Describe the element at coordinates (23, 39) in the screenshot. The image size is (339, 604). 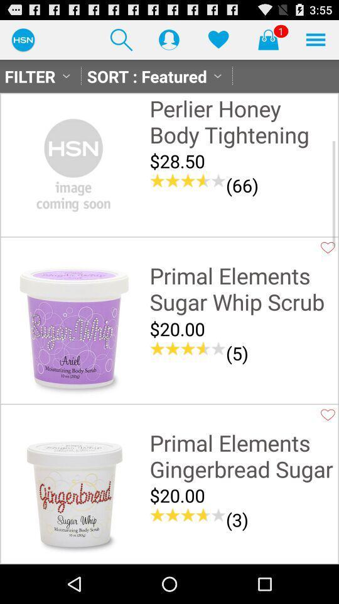
I see `top left hsn blue circle icon which is left to search icon` at that location.